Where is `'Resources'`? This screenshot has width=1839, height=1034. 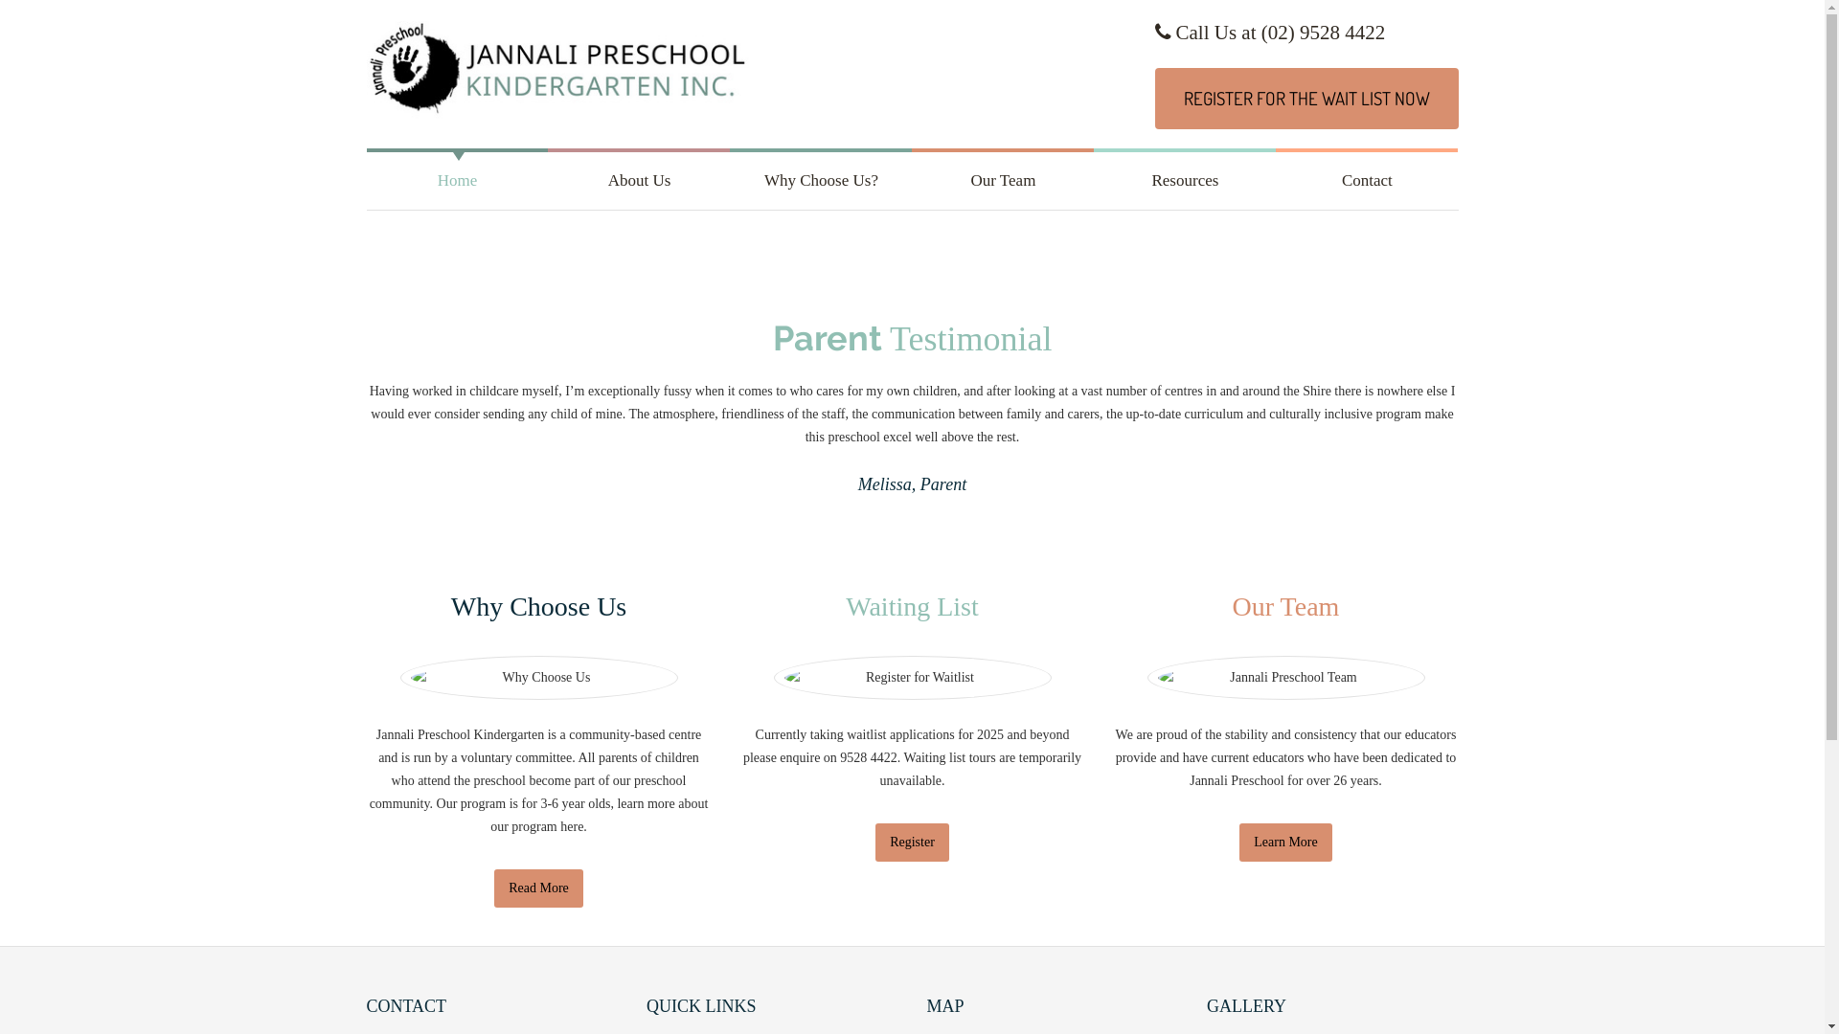
'Resources' is located at coordinates (1184, 181).